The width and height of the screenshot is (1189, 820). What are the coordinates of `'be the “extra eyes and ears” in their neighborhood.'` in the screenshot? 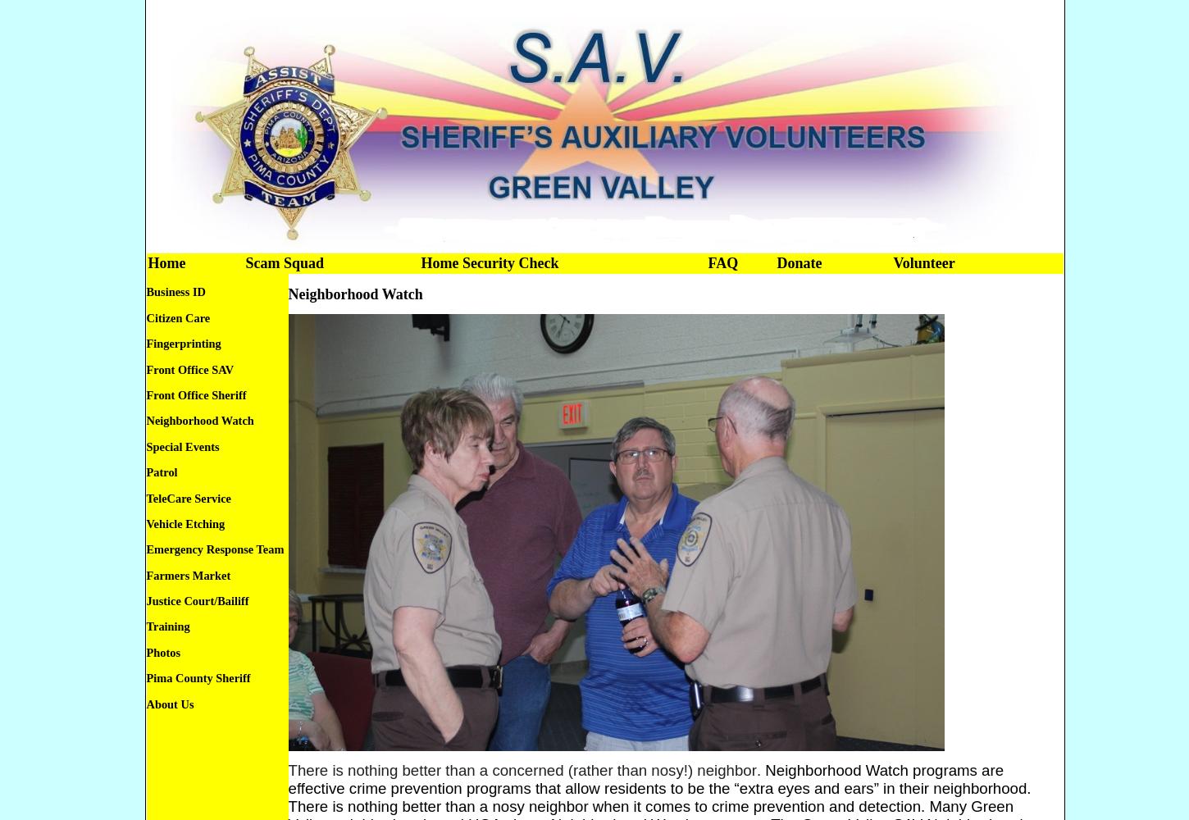 It's located at (859, 786).